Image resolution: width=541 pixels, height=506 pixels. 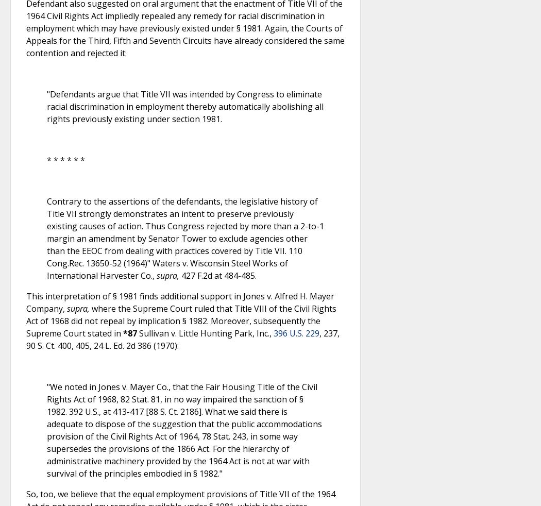 What do you see at coordinates (205, 333) in the screenshot?
I see `'Sullivan v. Little Hunting Park, Inc.,'` at bounding box center [205, 333].